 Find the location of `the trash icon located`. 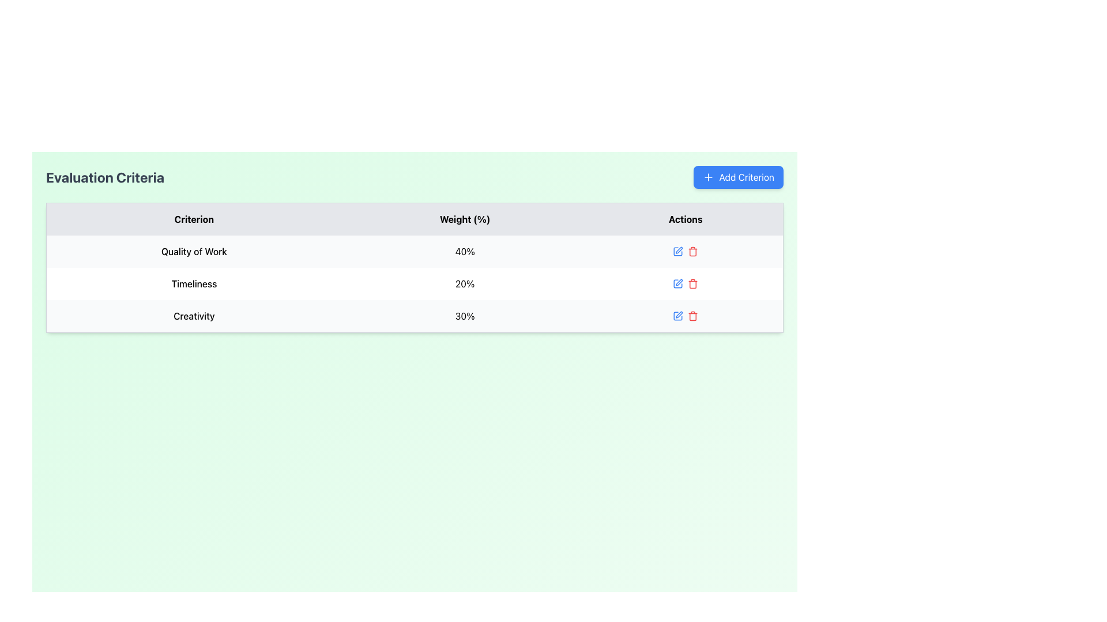

the trash icon located is located at coordinates (692, 317).